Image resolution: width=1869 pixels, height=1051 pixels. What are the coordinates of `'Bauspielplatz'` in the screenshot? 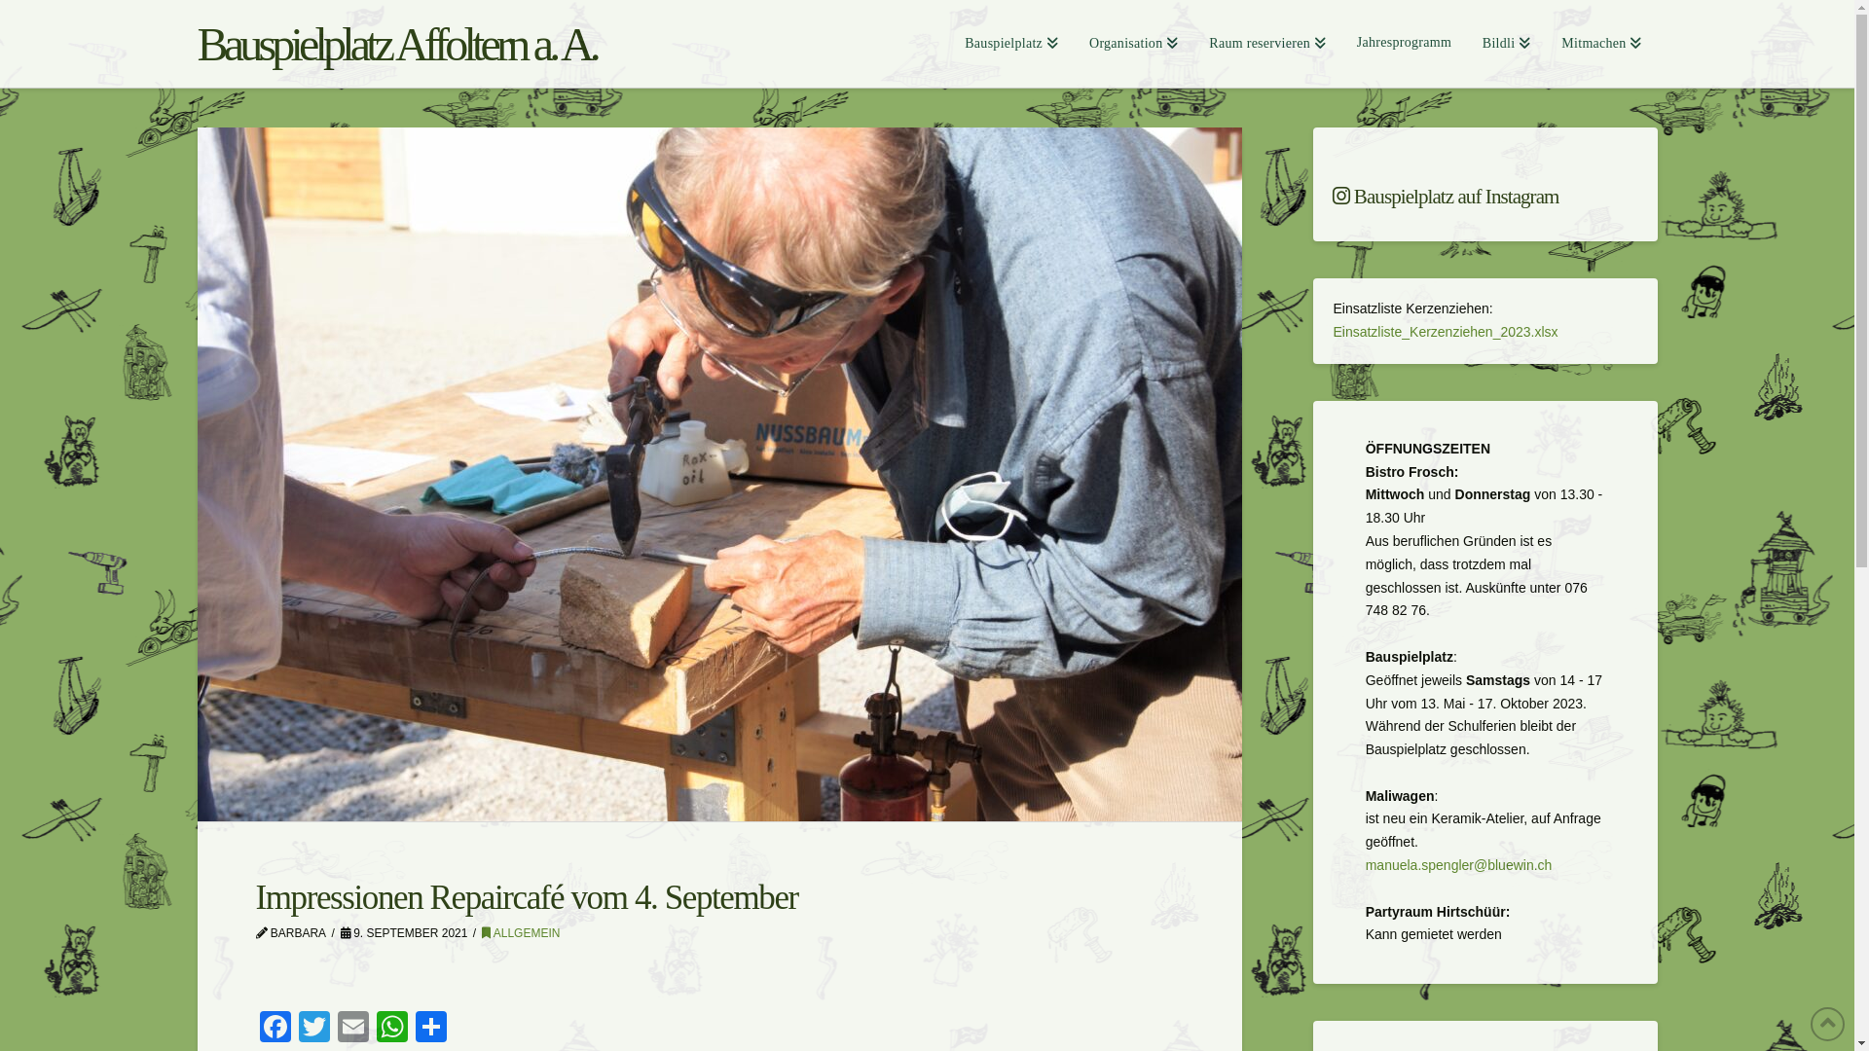 It's located at (948, 44).